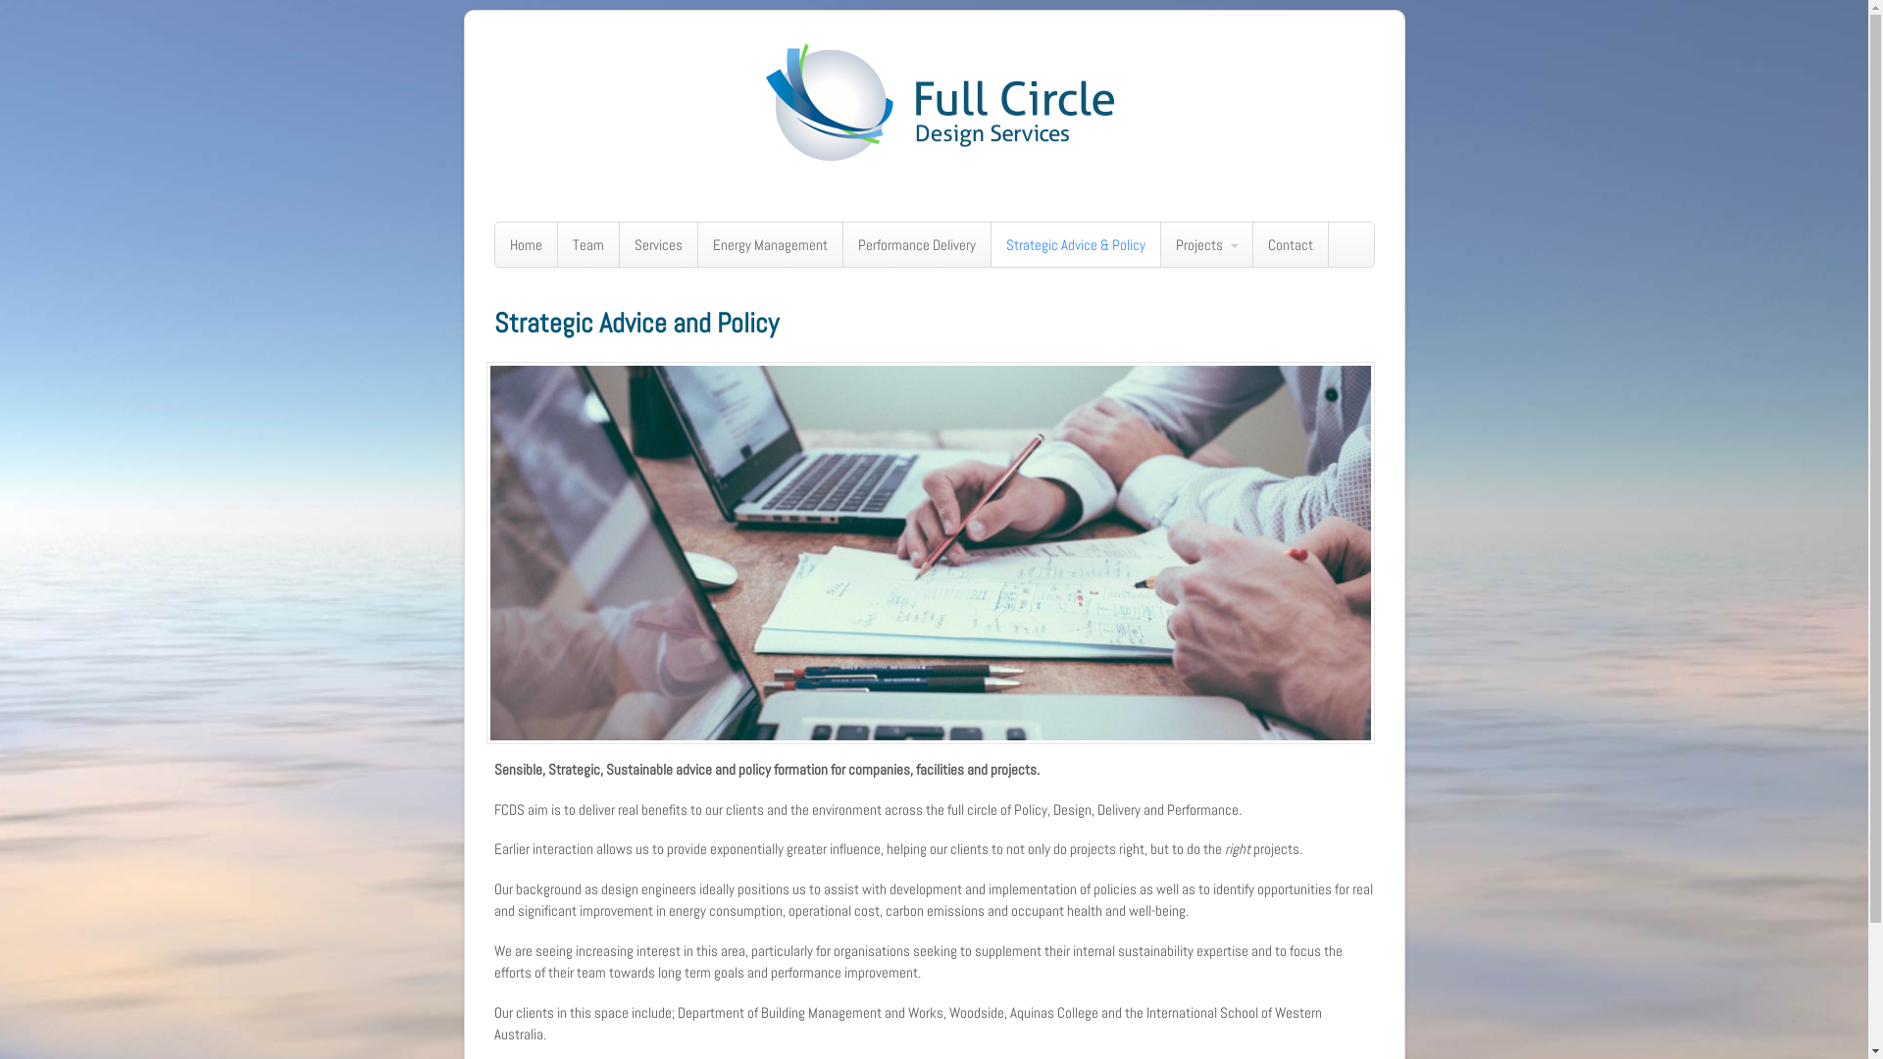 This screenshot has width=1883, height=1059. Describe the element at coordinates (1251, 243) in the screenshot. I see `'Contact'` at that location.